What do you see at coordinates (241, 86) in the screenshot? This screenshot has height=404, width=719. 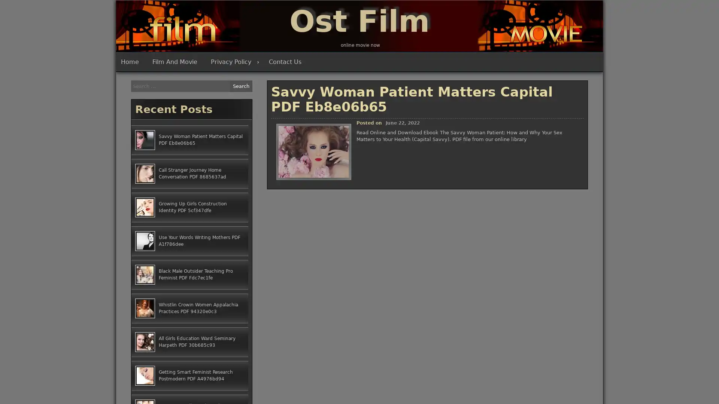 I see `Search` at bounding box center [241, 86].